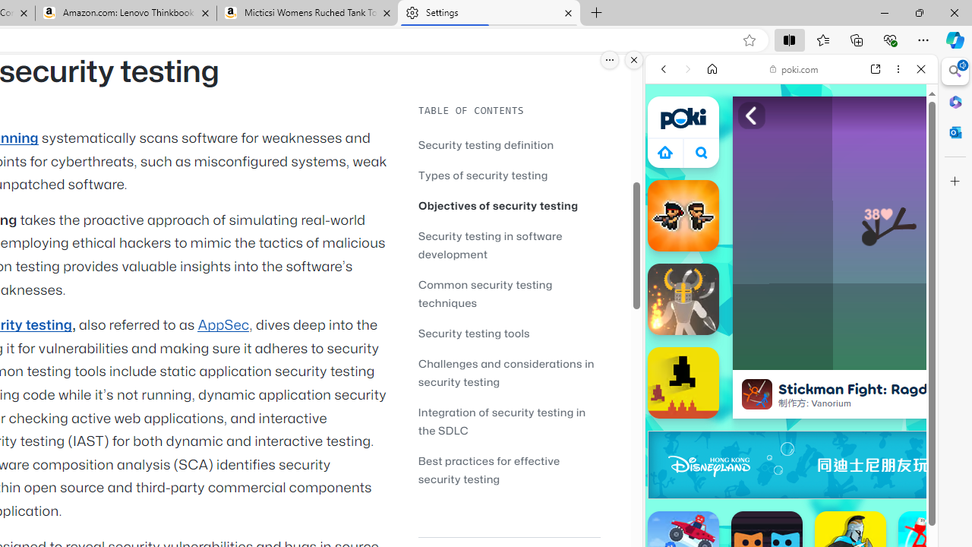 This screenshot has width=972, height=547. Describe the element at coordinates (794, 69) in the screenshot. I see `'poki.com'` at that location.